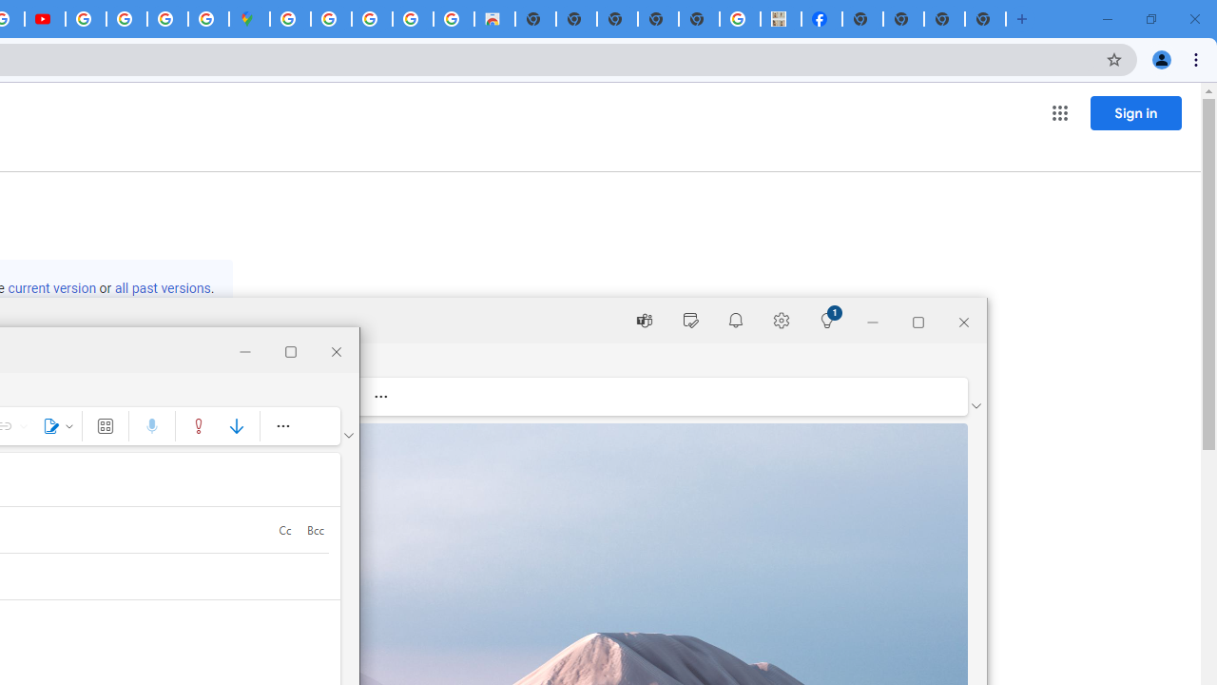  Describe the element at coordinates (316, 529) in the screenshot. I see `'Bcc'` at that location.